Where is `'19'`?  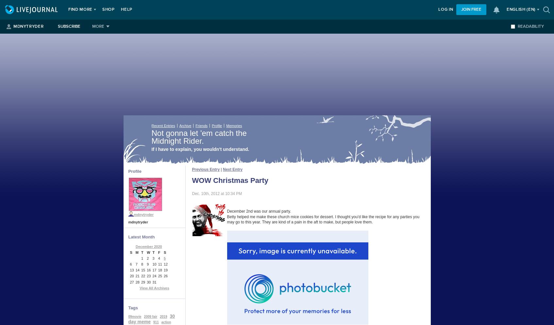 '19' is located at coordinates (165, 270).